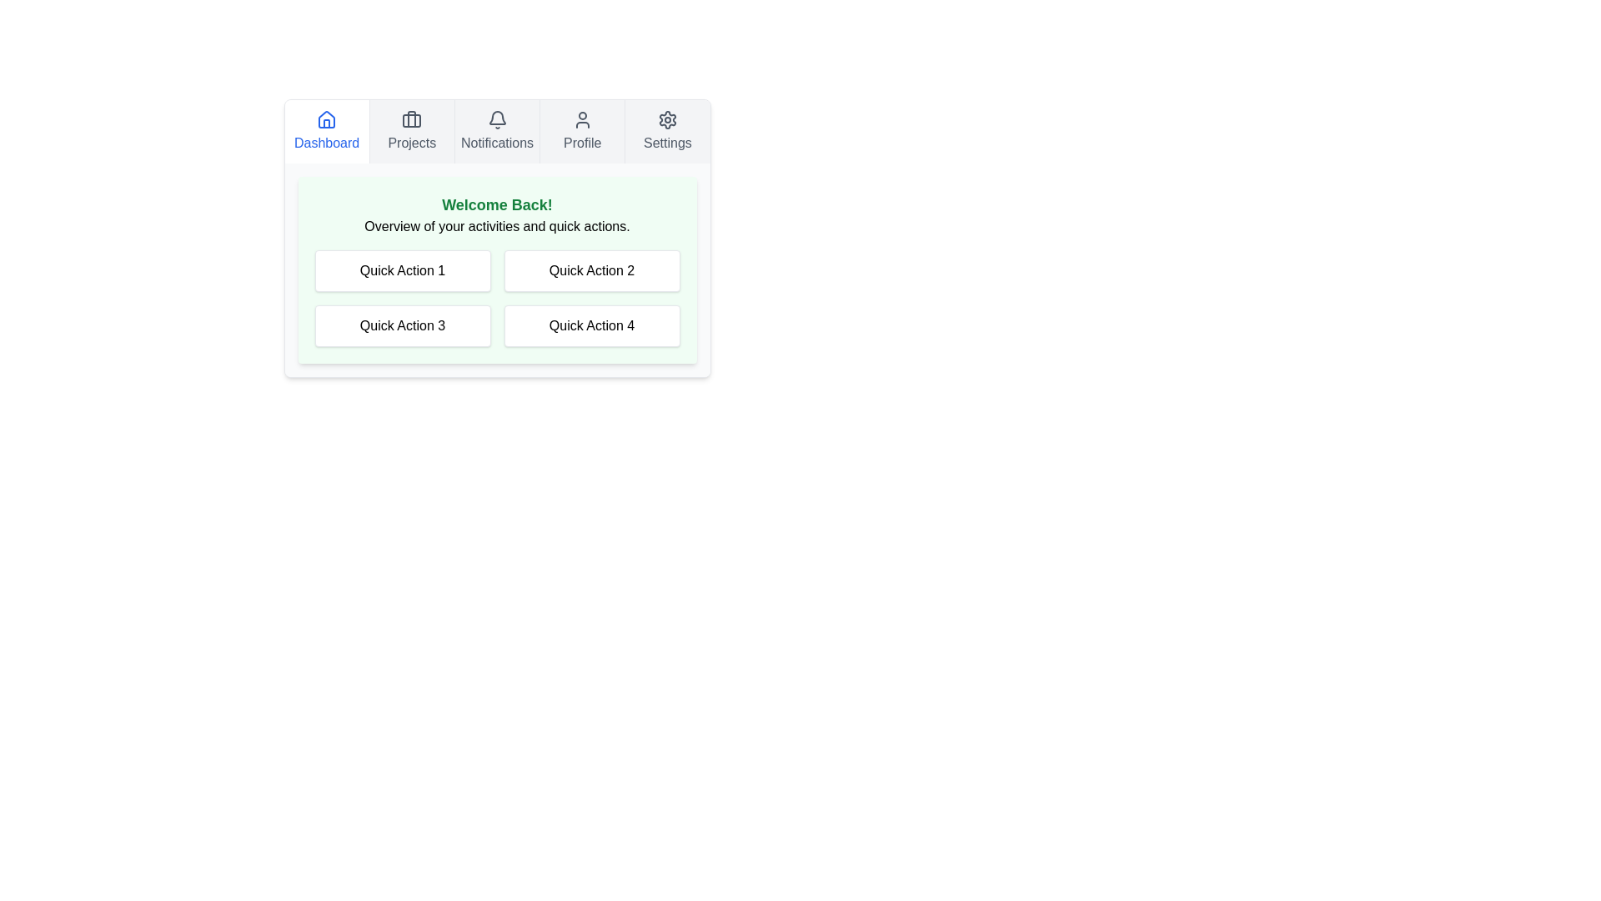 The width and height of the screenshot is (1601, 901). Describe the element at coordinates (412, 143) in the screenshot. I see `the content of the navigation label that directs users to projects, located in the top navigation bar, second from the left after 'Dashboard'` at that location.